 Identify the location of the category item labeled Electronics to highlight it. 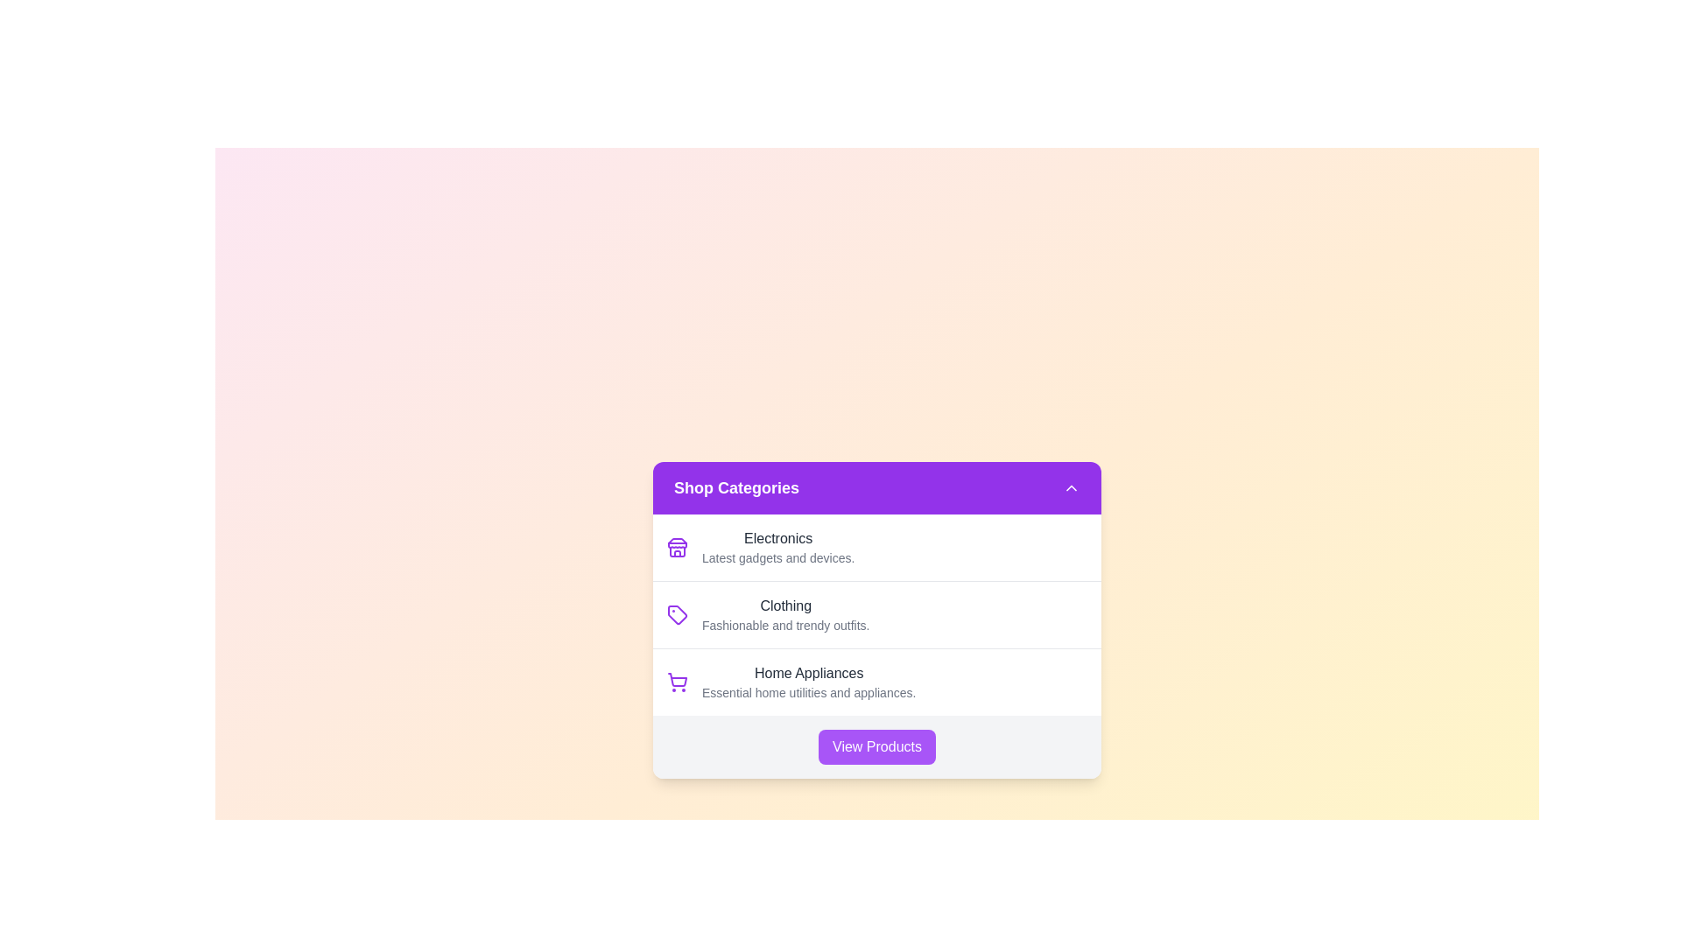
(877, 546).